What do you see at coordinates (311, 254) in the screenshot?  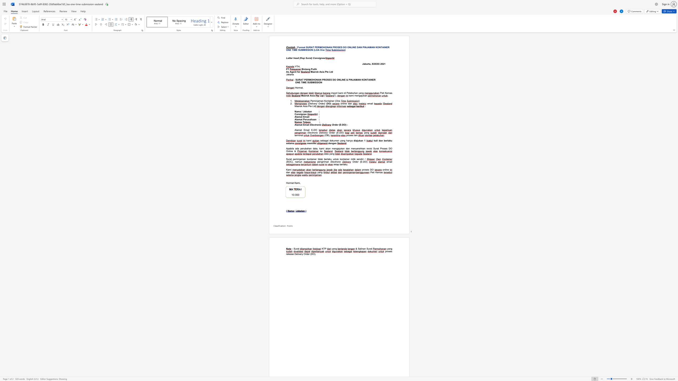 I see `the space between the continuous character "(" and "D" in the text` at bounding box center [311, 254].